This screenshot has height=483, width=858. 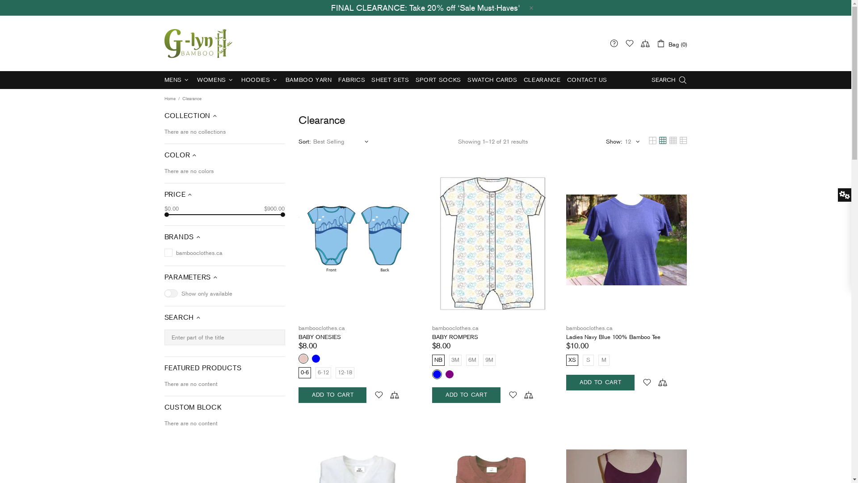 What do you see at coordinates (216, 79) in the screenshot?
I see `'WOMENS'` at bounding box center [216, 79].